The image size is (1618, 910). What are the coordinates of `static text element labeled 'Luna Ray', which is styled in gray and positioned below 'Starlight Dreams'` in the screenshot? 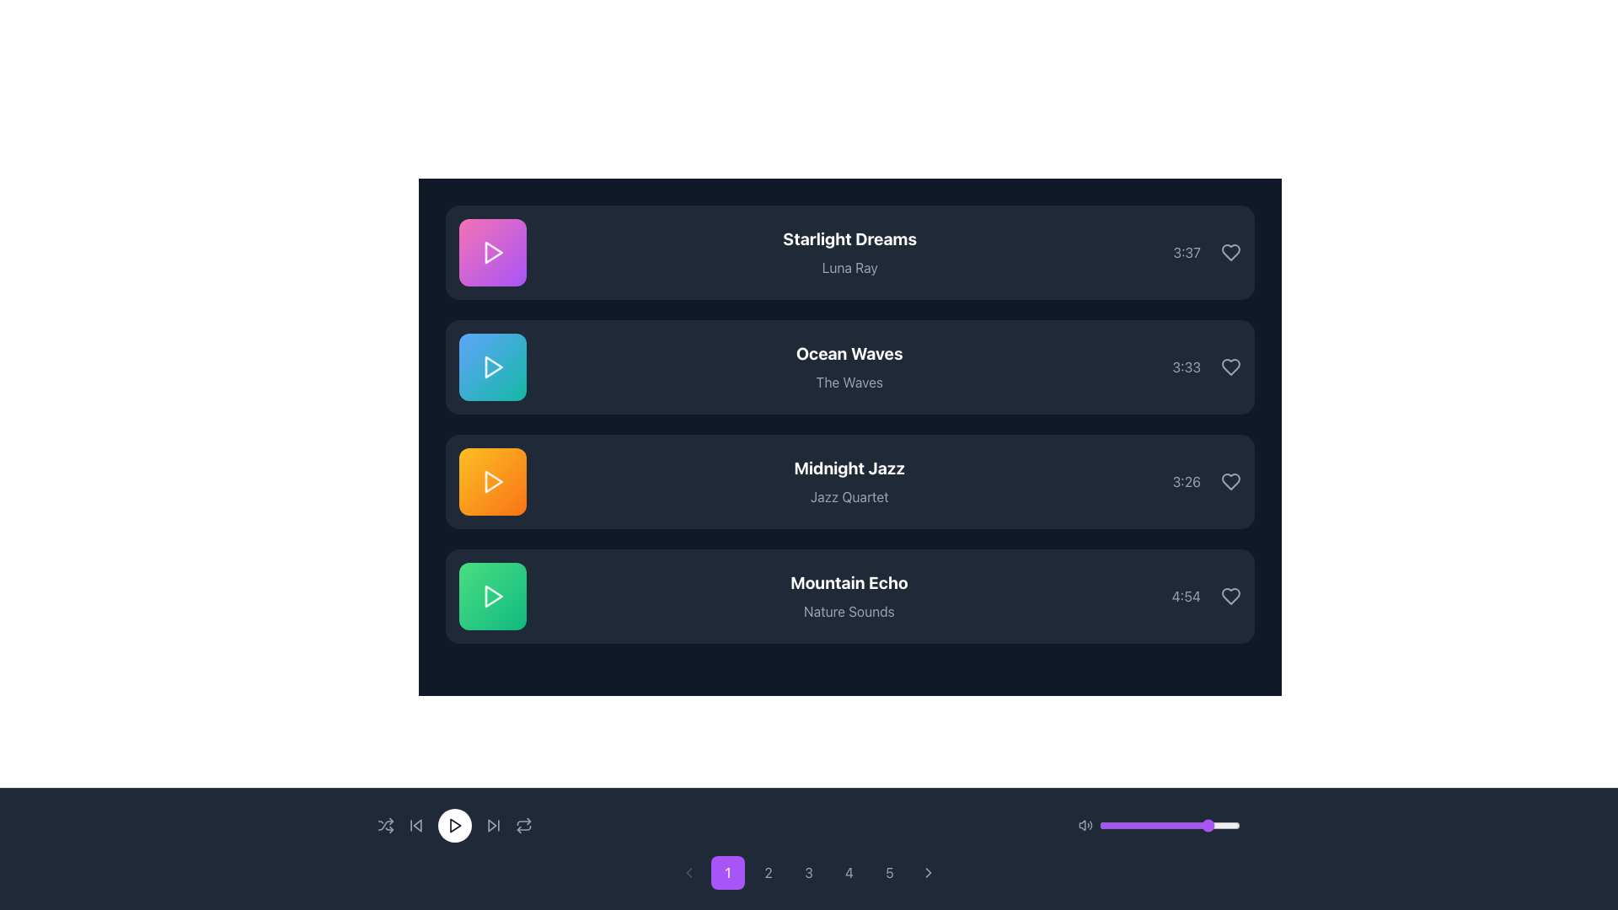 It's located at (849, 266).